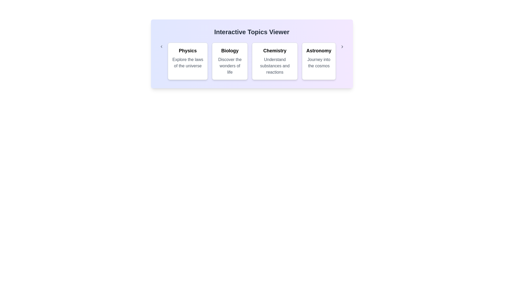  I want to click on the currently selected category to deselect it, so click(188, 61).